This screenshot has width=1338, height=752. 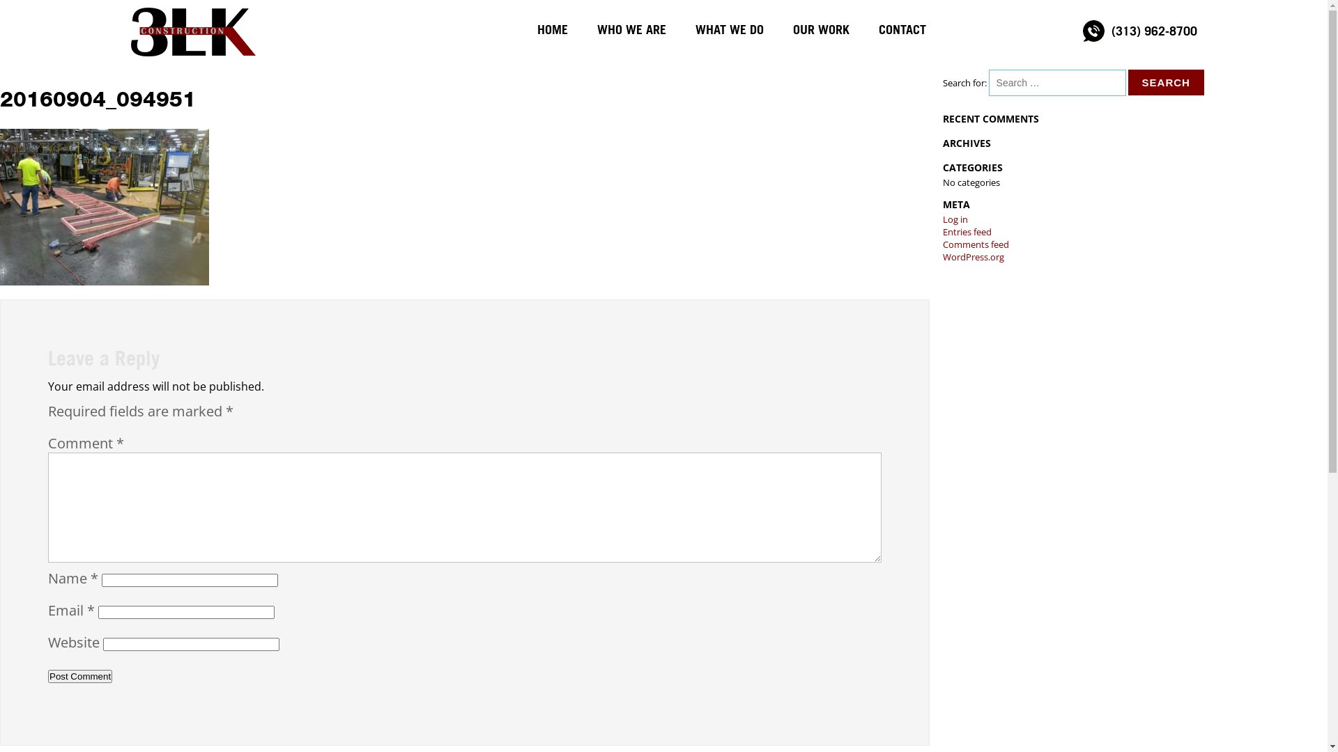 I want to click on 'Comments feed', so click(x=975, y=244).